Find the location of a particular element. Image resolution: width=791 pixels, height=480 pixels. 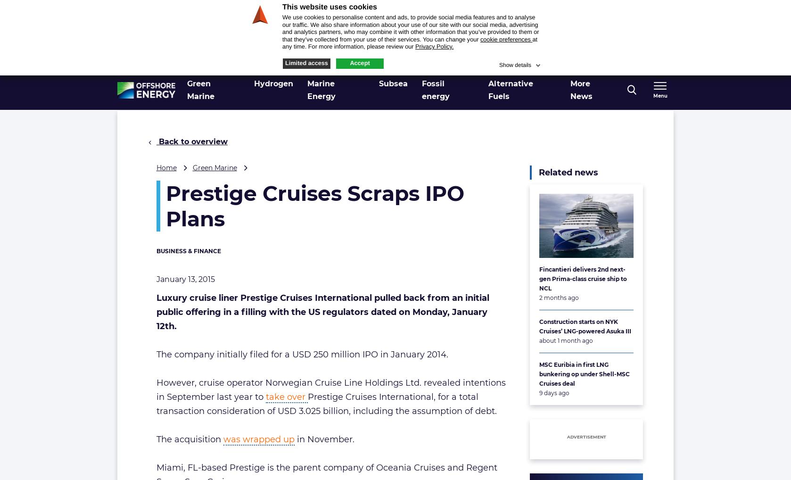

'Home' is located at coordinates (166, 167).